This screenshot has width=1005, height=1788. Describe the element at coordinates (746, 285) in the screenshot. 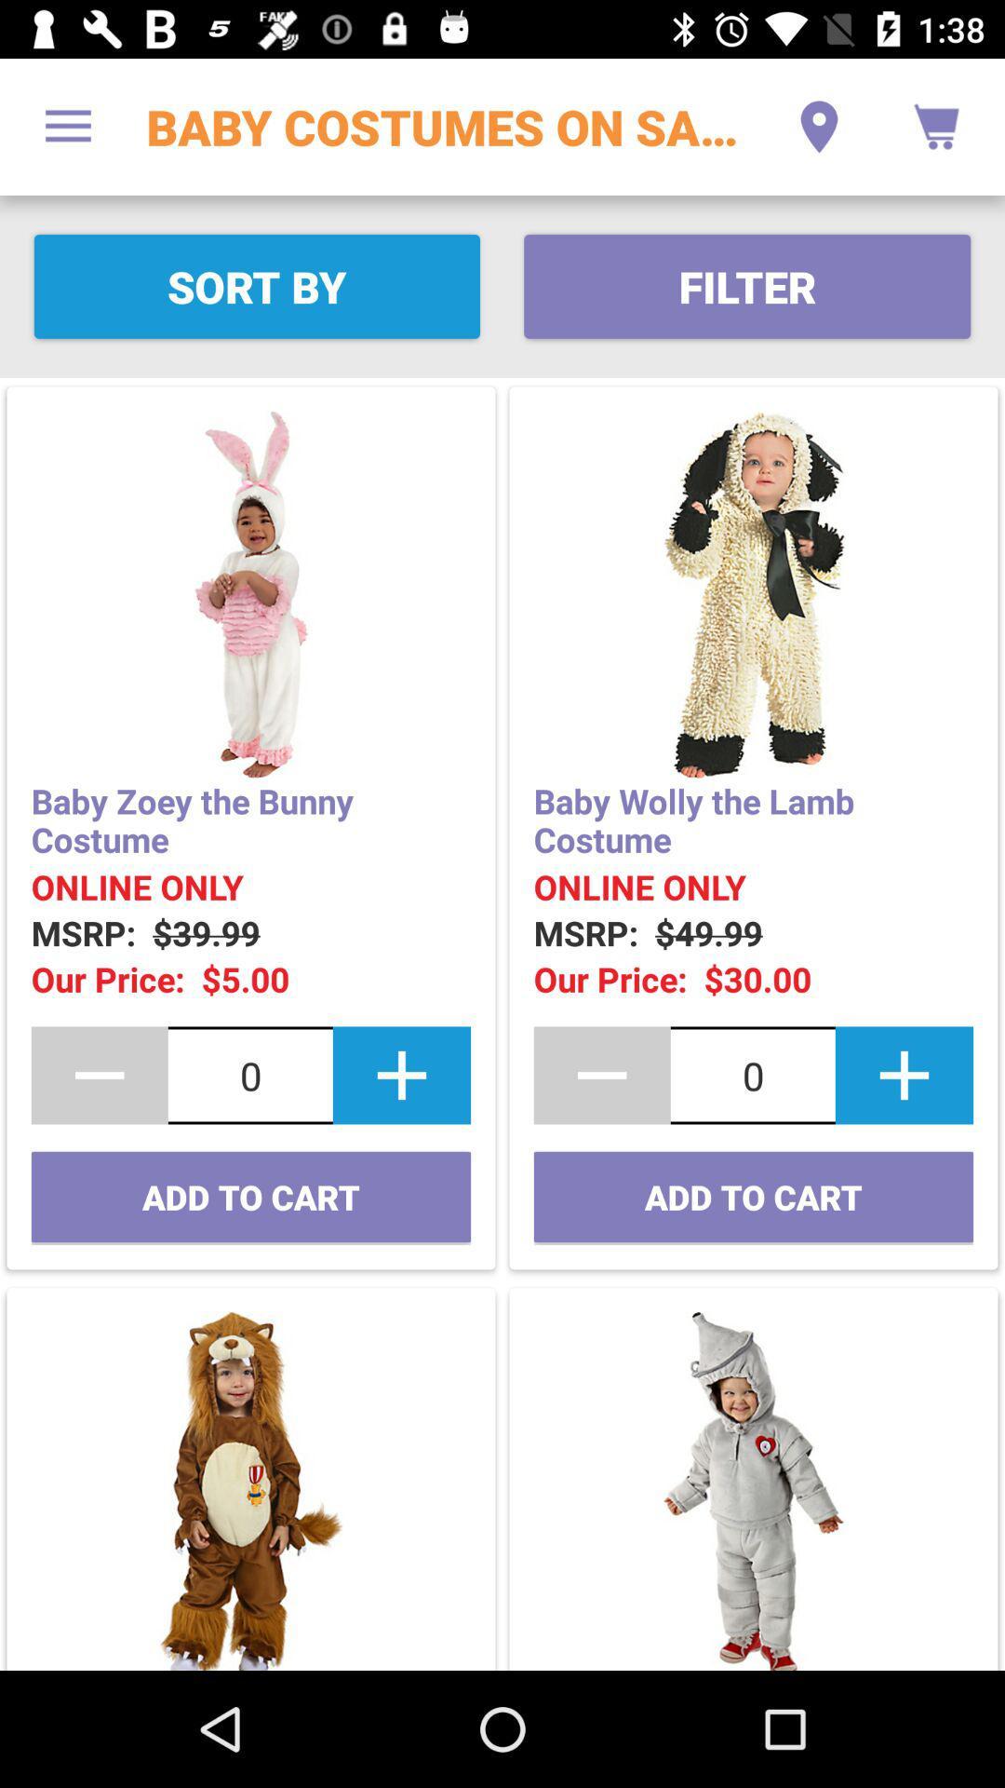

I see `the item next to sort by` at that location.